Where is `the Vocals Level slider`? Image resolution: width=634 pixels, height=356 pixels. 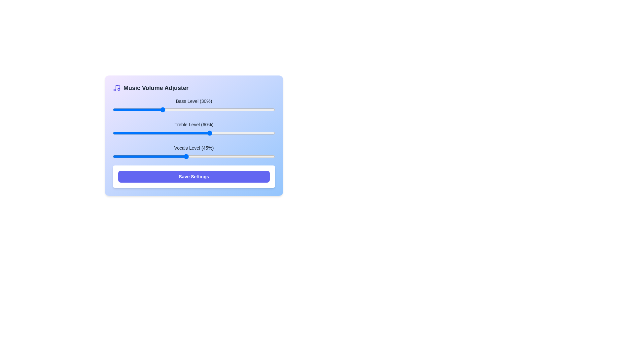
the Vocals Level slider is located at coordinates (181, 156).